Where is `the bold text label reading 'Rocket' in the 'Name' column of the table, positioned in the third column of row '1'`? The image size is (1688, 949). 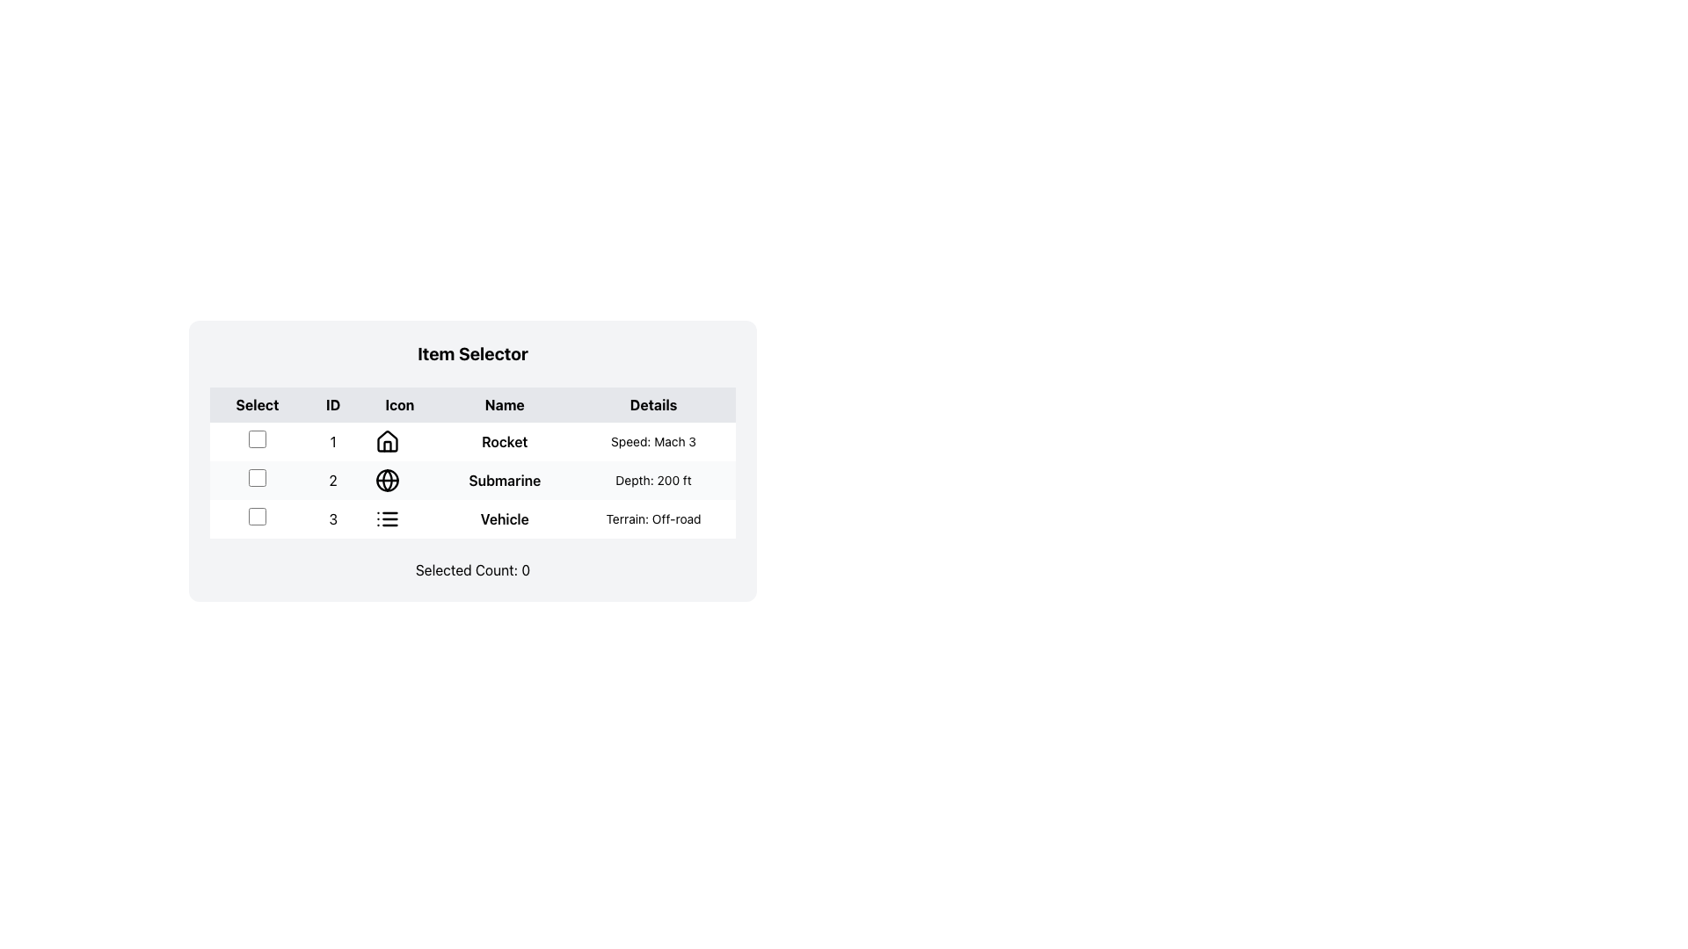 the bold text label reading 'Rocket' in the 'Name' column of the table, positioned in the third column of row '1' is located at coordinates (504, 440).